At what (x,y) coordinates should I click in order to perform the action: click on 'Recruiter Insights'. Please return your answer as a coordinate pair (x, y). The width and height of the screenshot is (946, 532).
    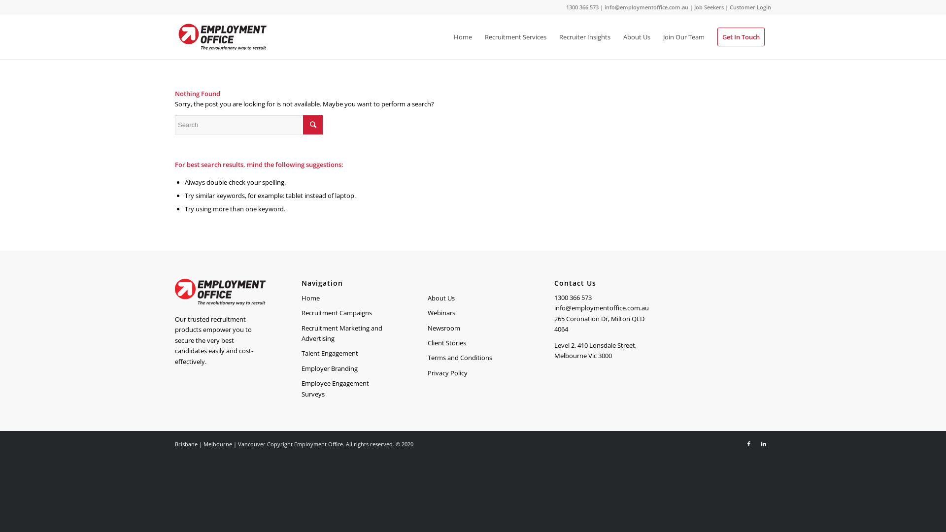
    Looking at the image, I should click on (584, 36).